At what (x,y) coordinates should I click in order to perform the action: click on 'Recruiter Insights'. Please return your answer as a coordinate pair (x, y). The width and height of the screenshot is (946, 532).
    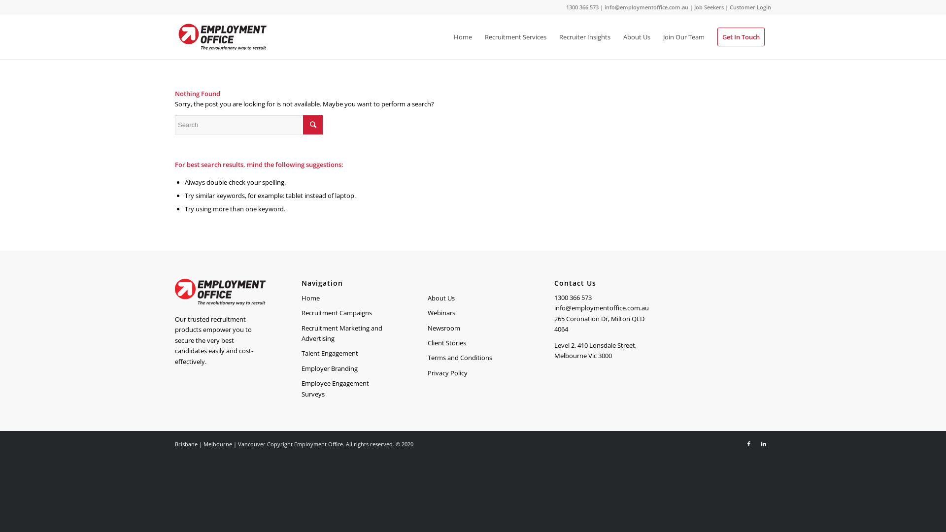
    Looking at the image, I should click on (584, 36).